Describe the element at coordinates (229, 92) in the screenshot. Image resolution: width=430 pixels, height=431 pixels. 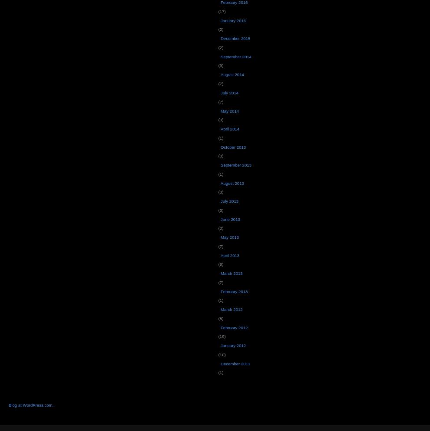
I see `'July 2014'` at that location.